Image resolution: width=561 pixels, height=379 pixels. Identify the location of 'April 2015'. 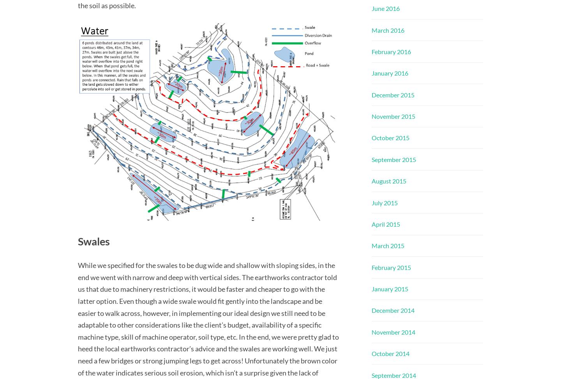
(385, 224).